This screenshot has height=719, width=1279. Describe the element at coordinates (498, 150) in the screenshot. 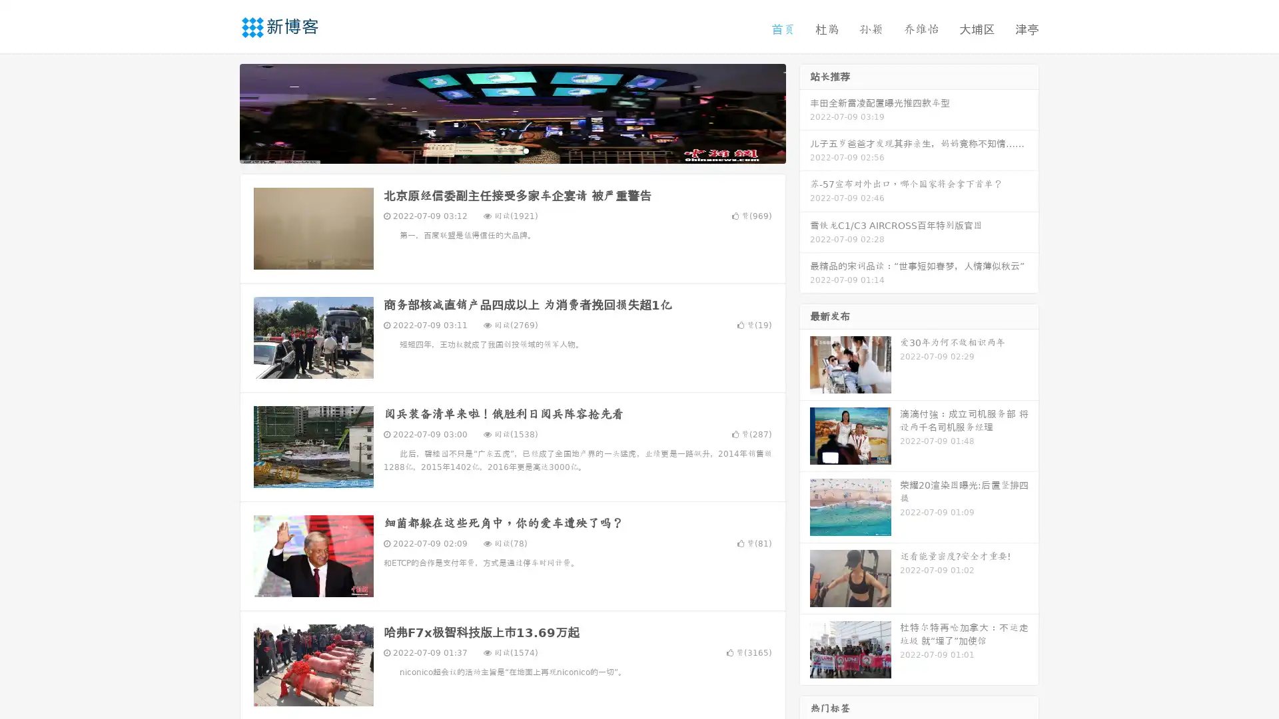

I see `Go to slide 1` at that location.